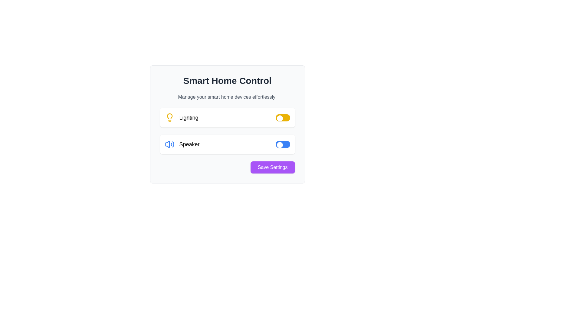 The image size is (581, 327). What do you see at coordinates (279, 145) in the screenshot?
I see `the draggable knob of the toggle switch labeled 'Speaker'` at bounding box center [279, 145].